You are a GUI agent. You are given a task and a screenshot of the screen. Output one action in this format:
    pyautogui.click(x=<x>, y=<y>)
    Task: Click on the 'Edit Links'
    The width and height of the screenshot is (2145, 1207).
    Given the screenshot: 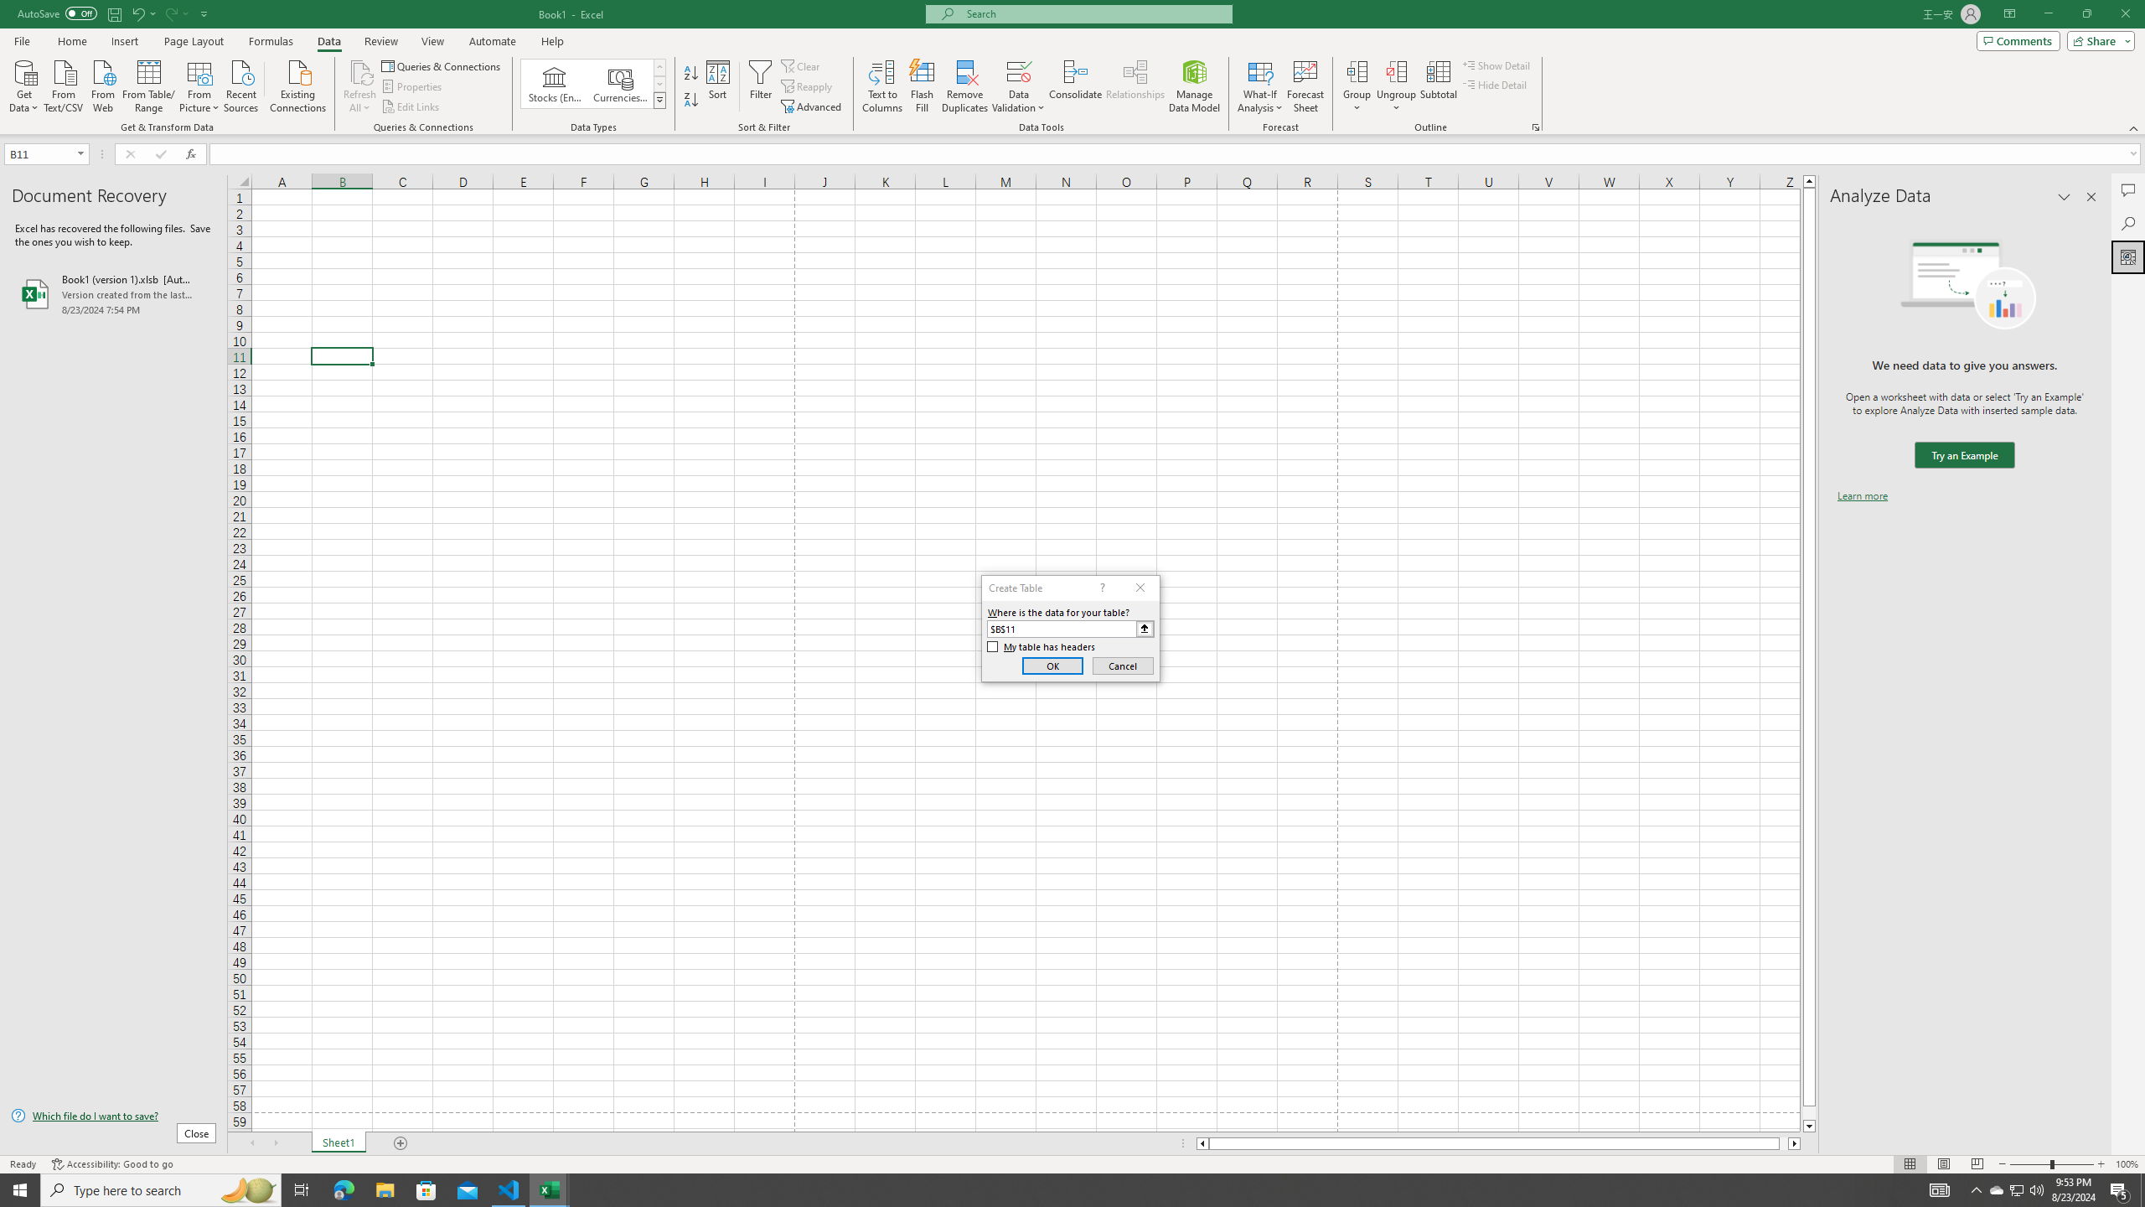 What is the action you would take?
    pyautogui.click(x=411, y=106)
    